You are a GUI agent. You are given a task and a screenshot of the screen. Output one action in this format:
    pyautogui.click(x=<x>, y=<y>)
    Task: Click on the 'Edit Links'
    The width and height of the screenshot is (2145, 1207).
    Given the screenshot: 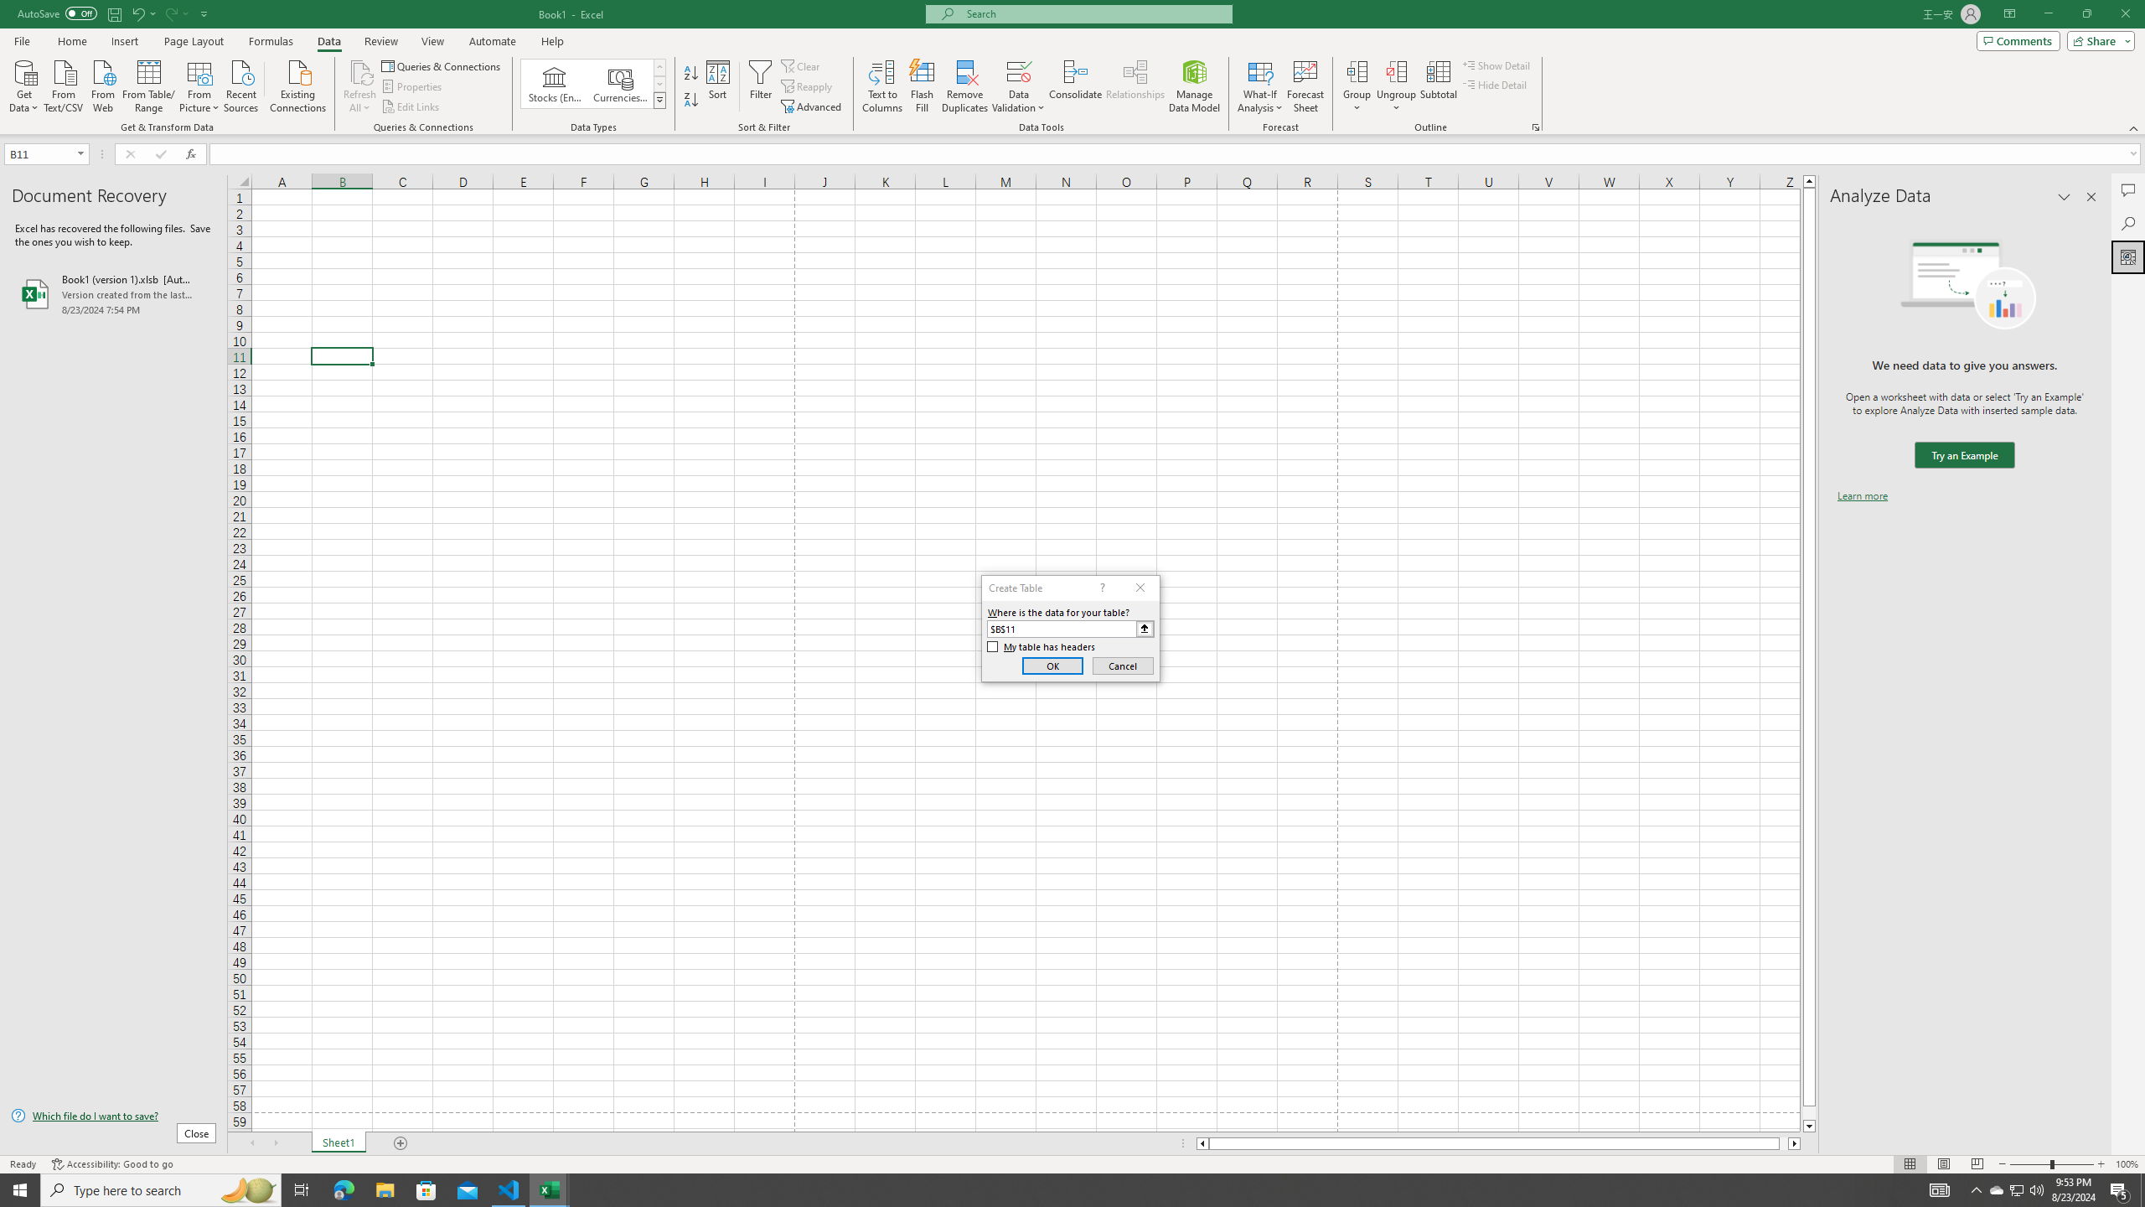 What is the action you would take?
    pyautogui.click(x=411, y=106)
    